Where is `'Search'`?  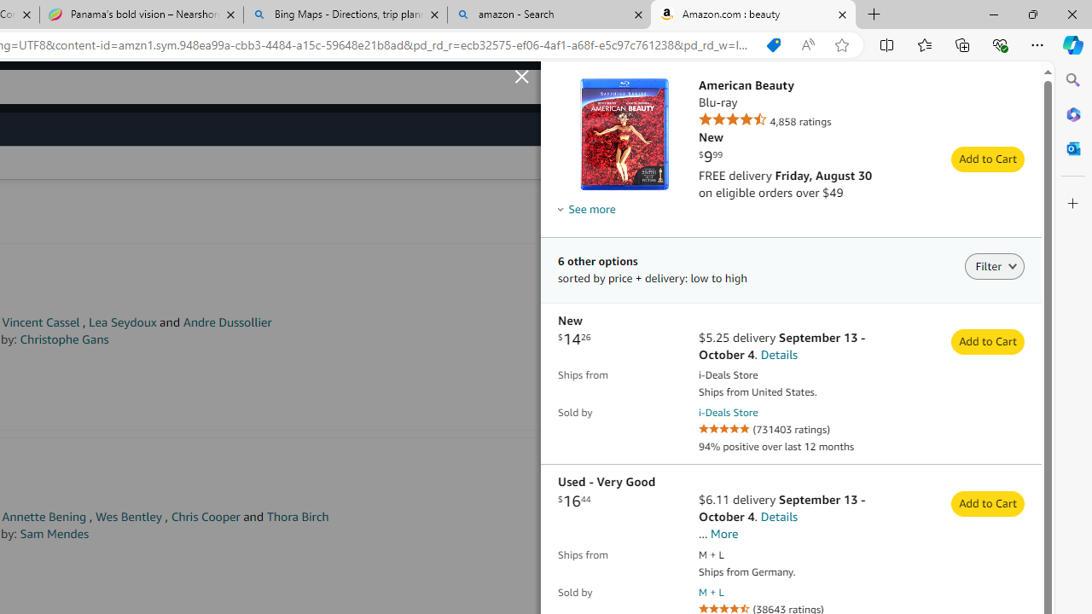 'Search' is located at coordinates (1072, 80).